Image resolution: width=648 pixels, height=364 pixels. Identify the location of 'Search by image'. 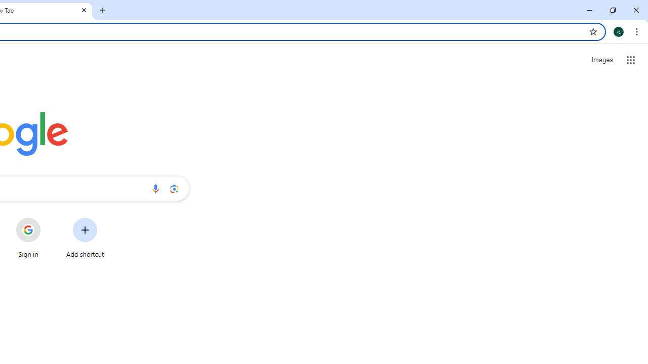
(174, 188).